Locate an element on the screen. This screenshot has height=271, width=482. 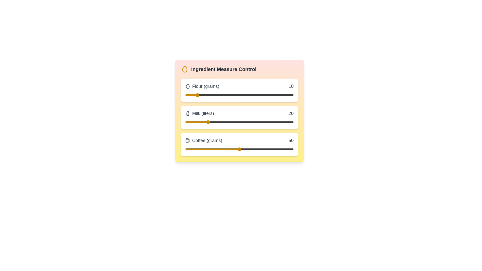
ingredient measurement is located at coordinates (265, 95).